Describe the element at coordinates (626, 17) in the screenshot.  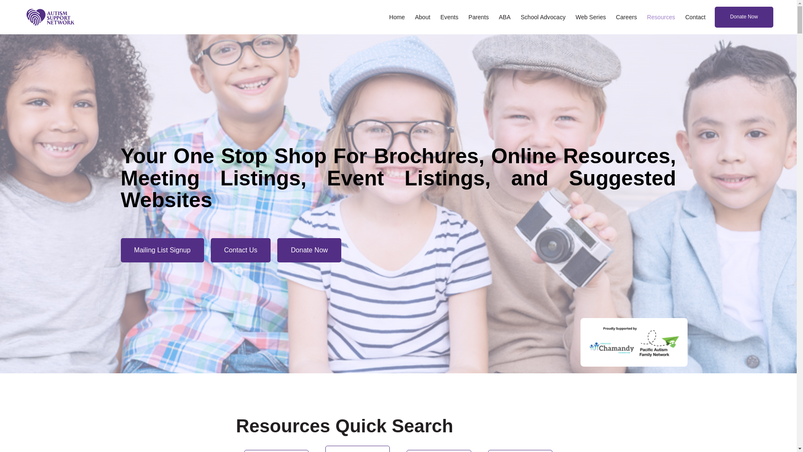
I see `'Careers'` at that location.